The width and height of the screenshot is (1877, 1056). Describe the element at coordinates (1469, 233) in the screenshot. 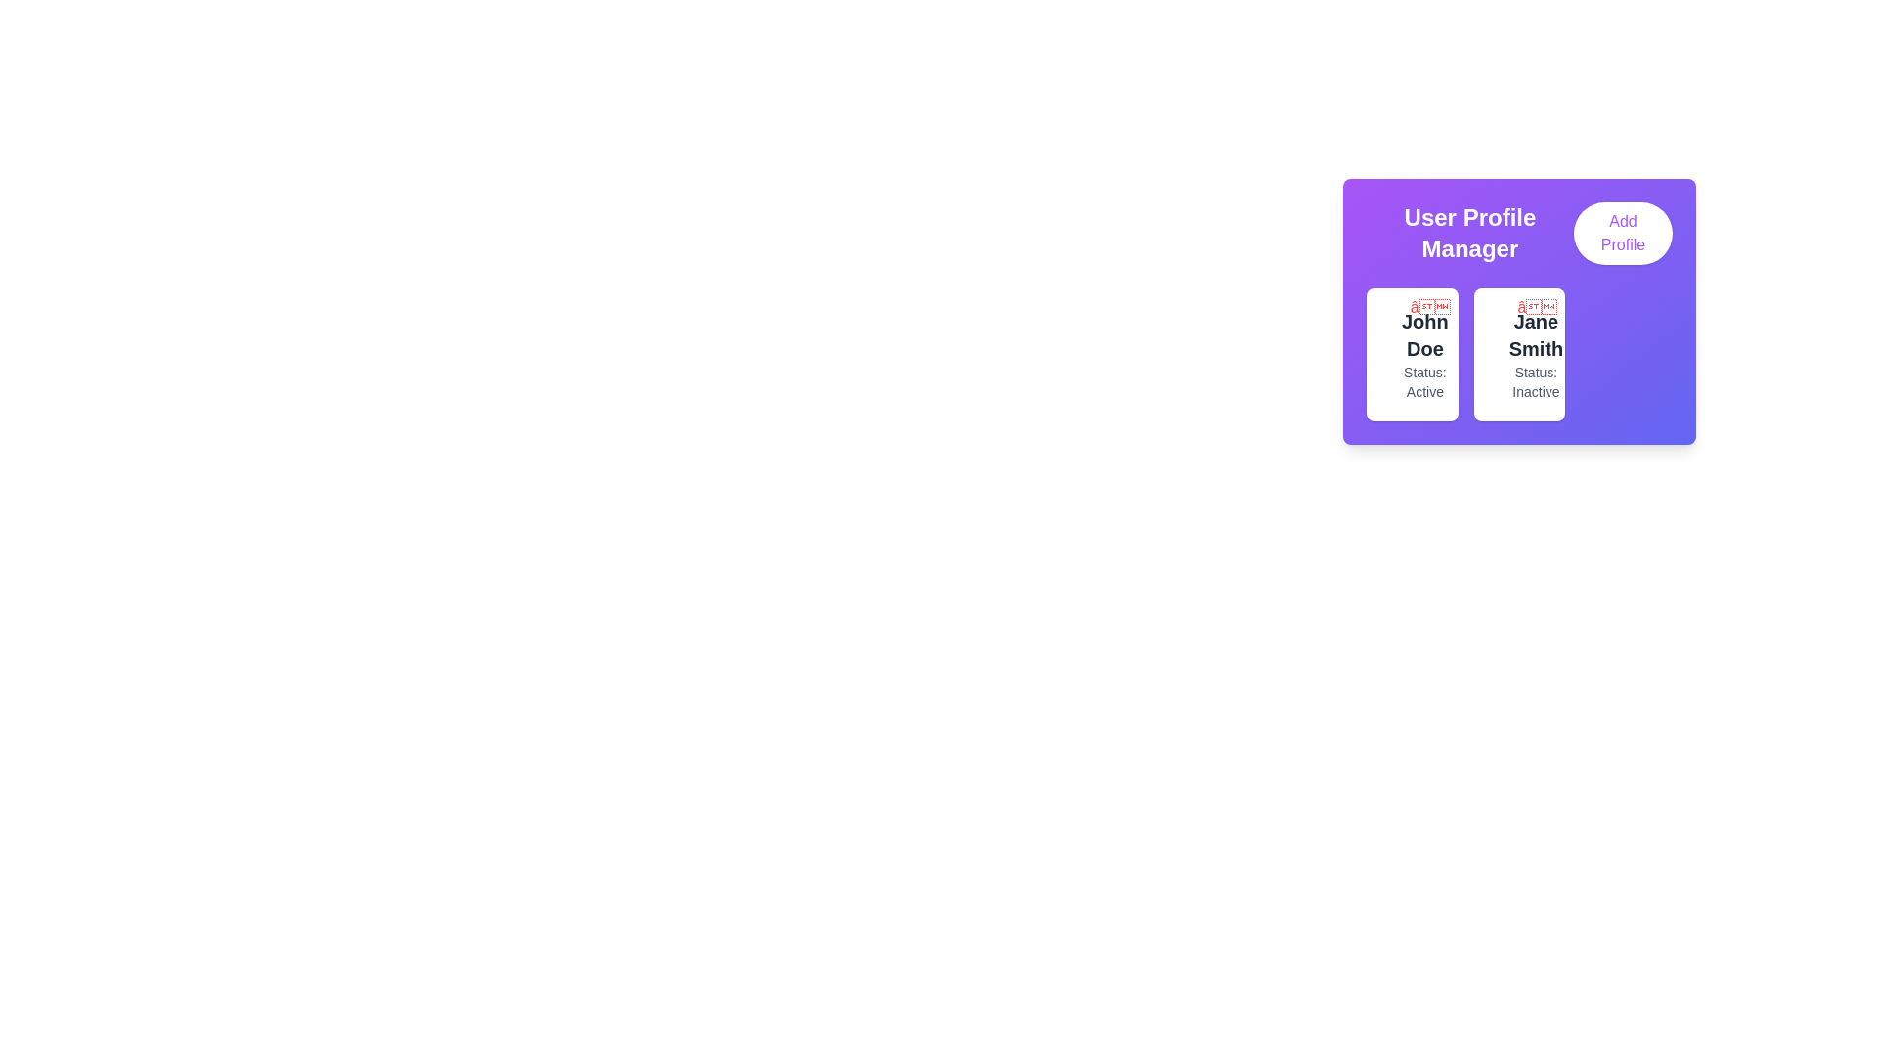

I see `the bold text label reading 'User Profile Manager', which is positioned at the top of the interface and serves as the main section identifier` at that location.